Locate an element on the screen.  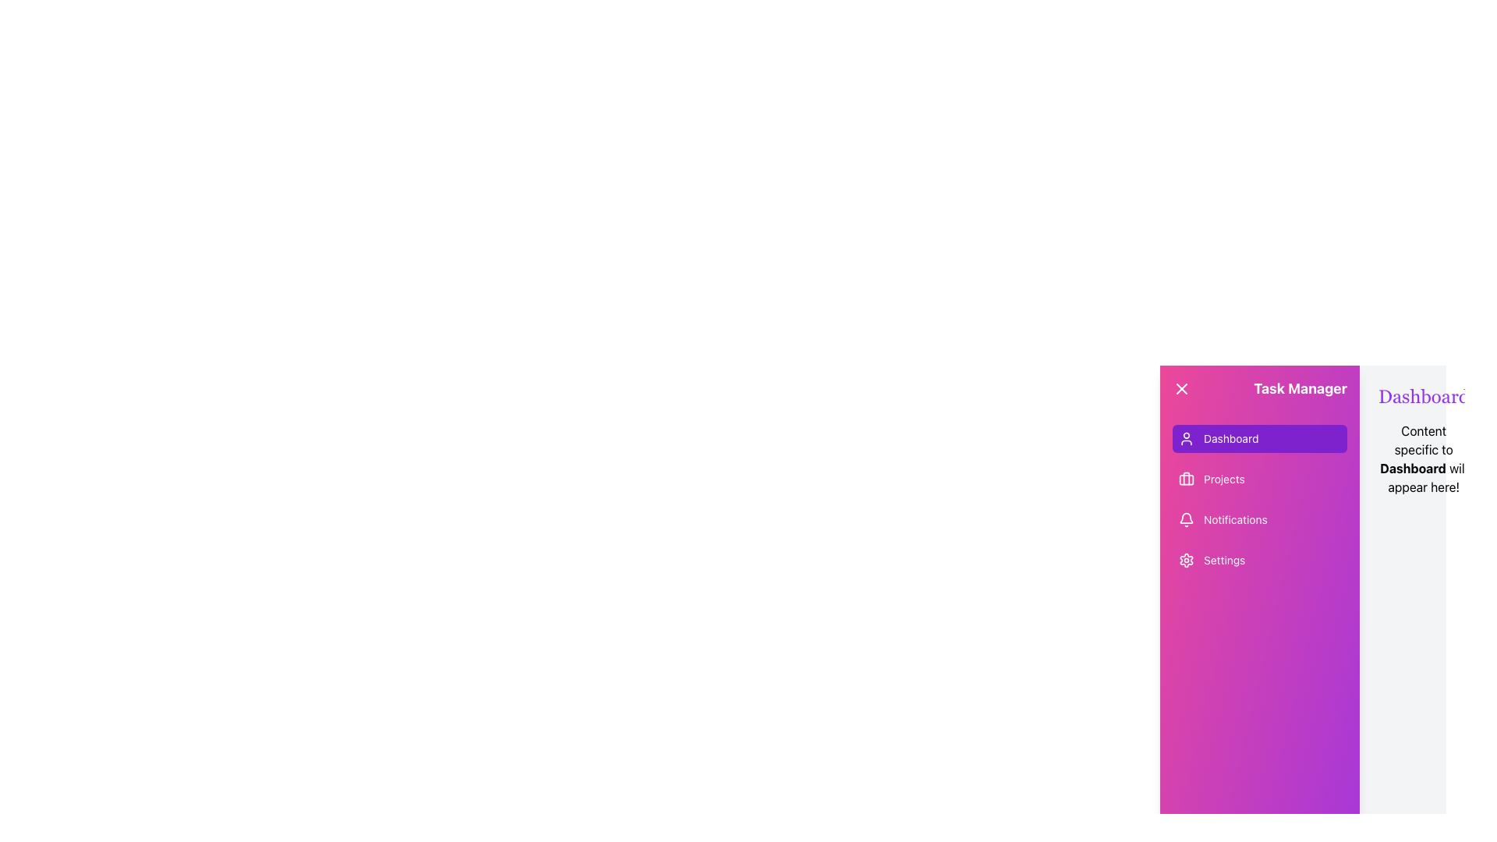
the 'Settings' icon, which is the fourth icon from the top is located at coordinates (1185, 559).